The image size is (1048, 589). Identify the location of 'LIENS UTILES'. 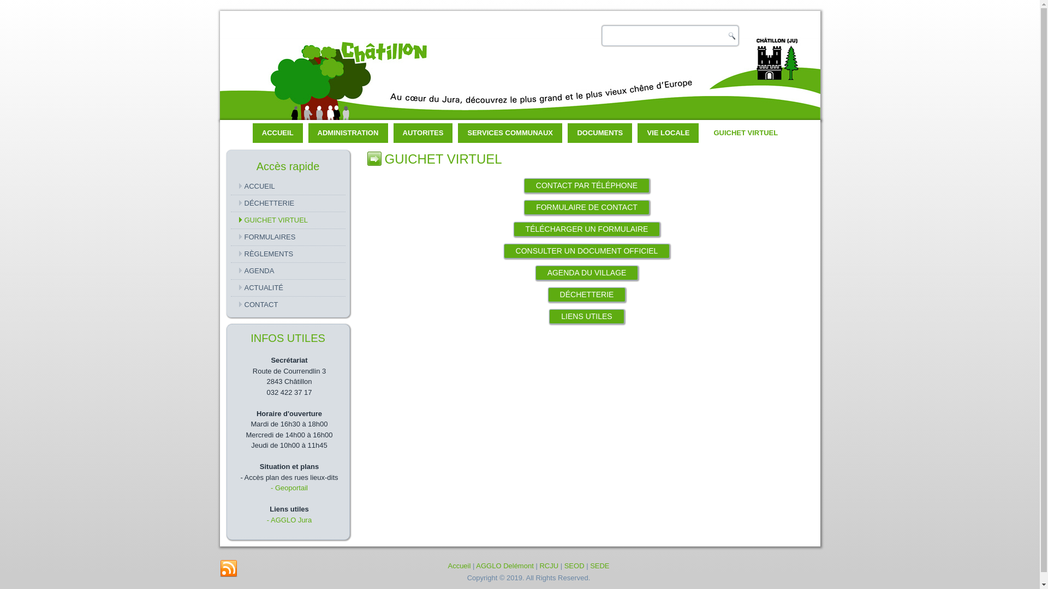
(586, 316).